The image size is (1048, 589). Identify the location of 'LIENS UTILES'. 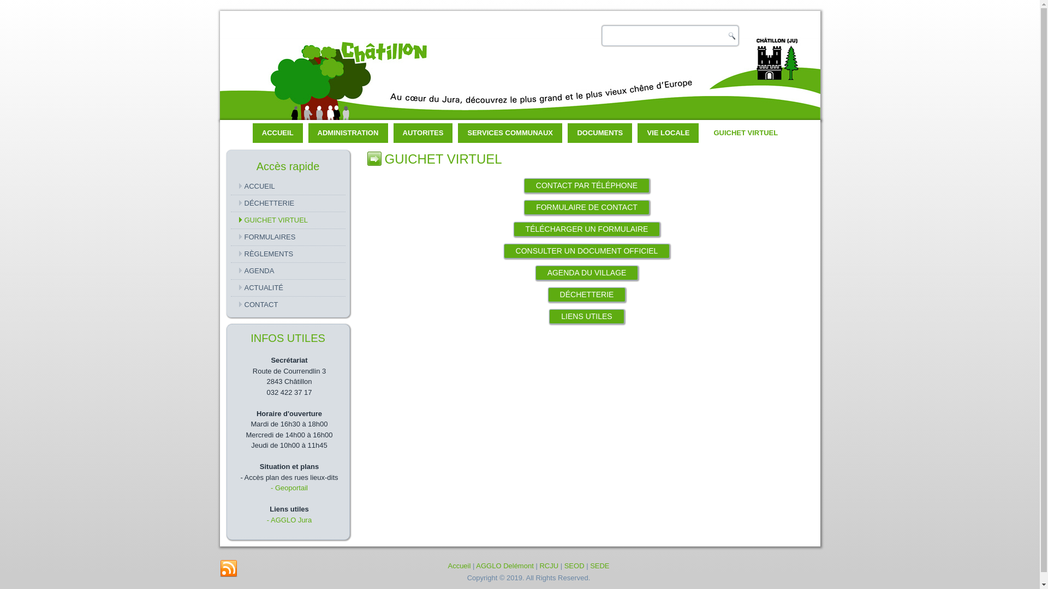
(586, 316).